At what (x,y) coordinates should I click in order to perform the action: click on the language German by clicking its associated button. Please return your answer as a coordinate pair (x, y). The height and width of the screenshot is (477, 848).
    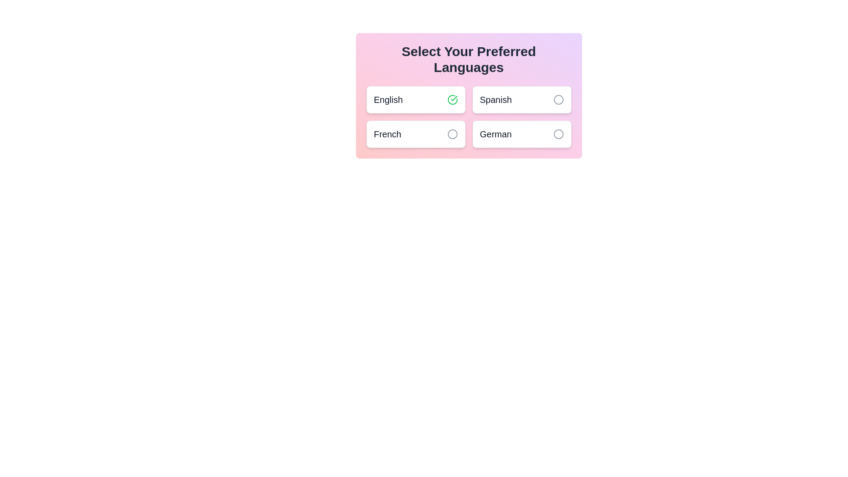
    Looking at the image, I should click on (558, 134).